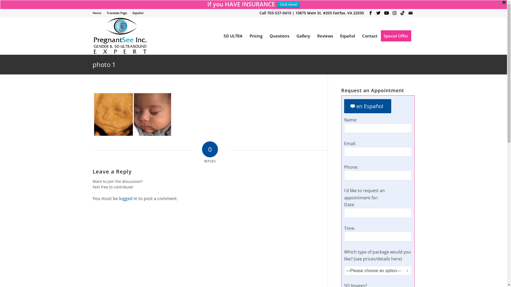  Describe the element at coordinates (97, 12) in the screenshot. I see `'Home'` at that location.